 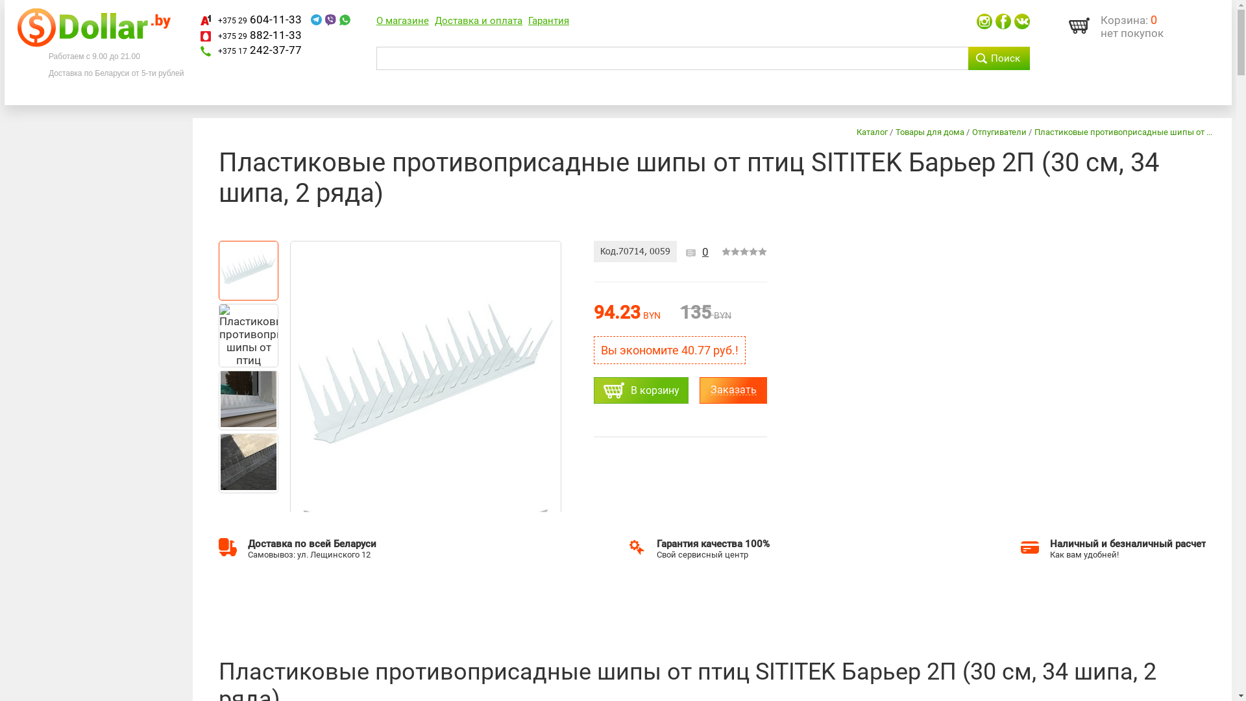 I want to click on '+375 29 882-11-33', so click(x=218, y=34).